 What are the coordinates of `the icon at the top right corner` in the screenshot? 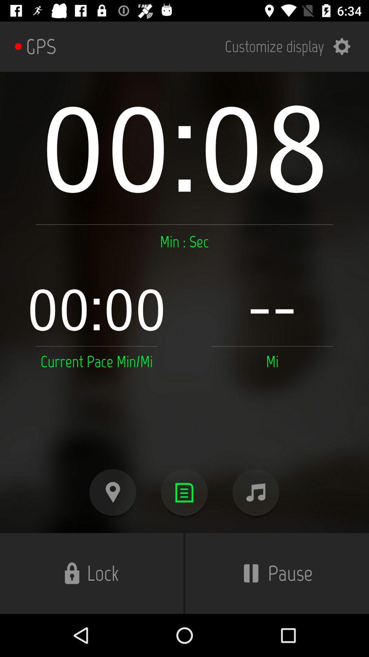 It's located at (292, 46).